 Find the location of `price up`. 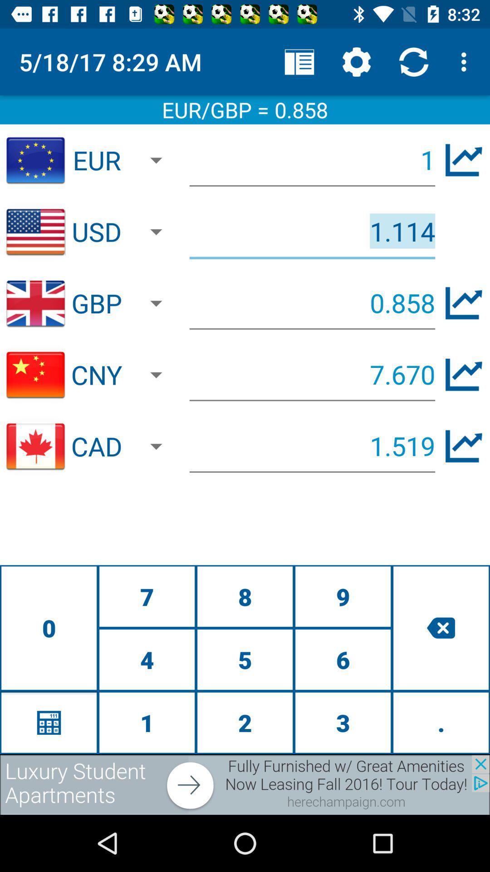

price up is located at coordinates (464, 303).